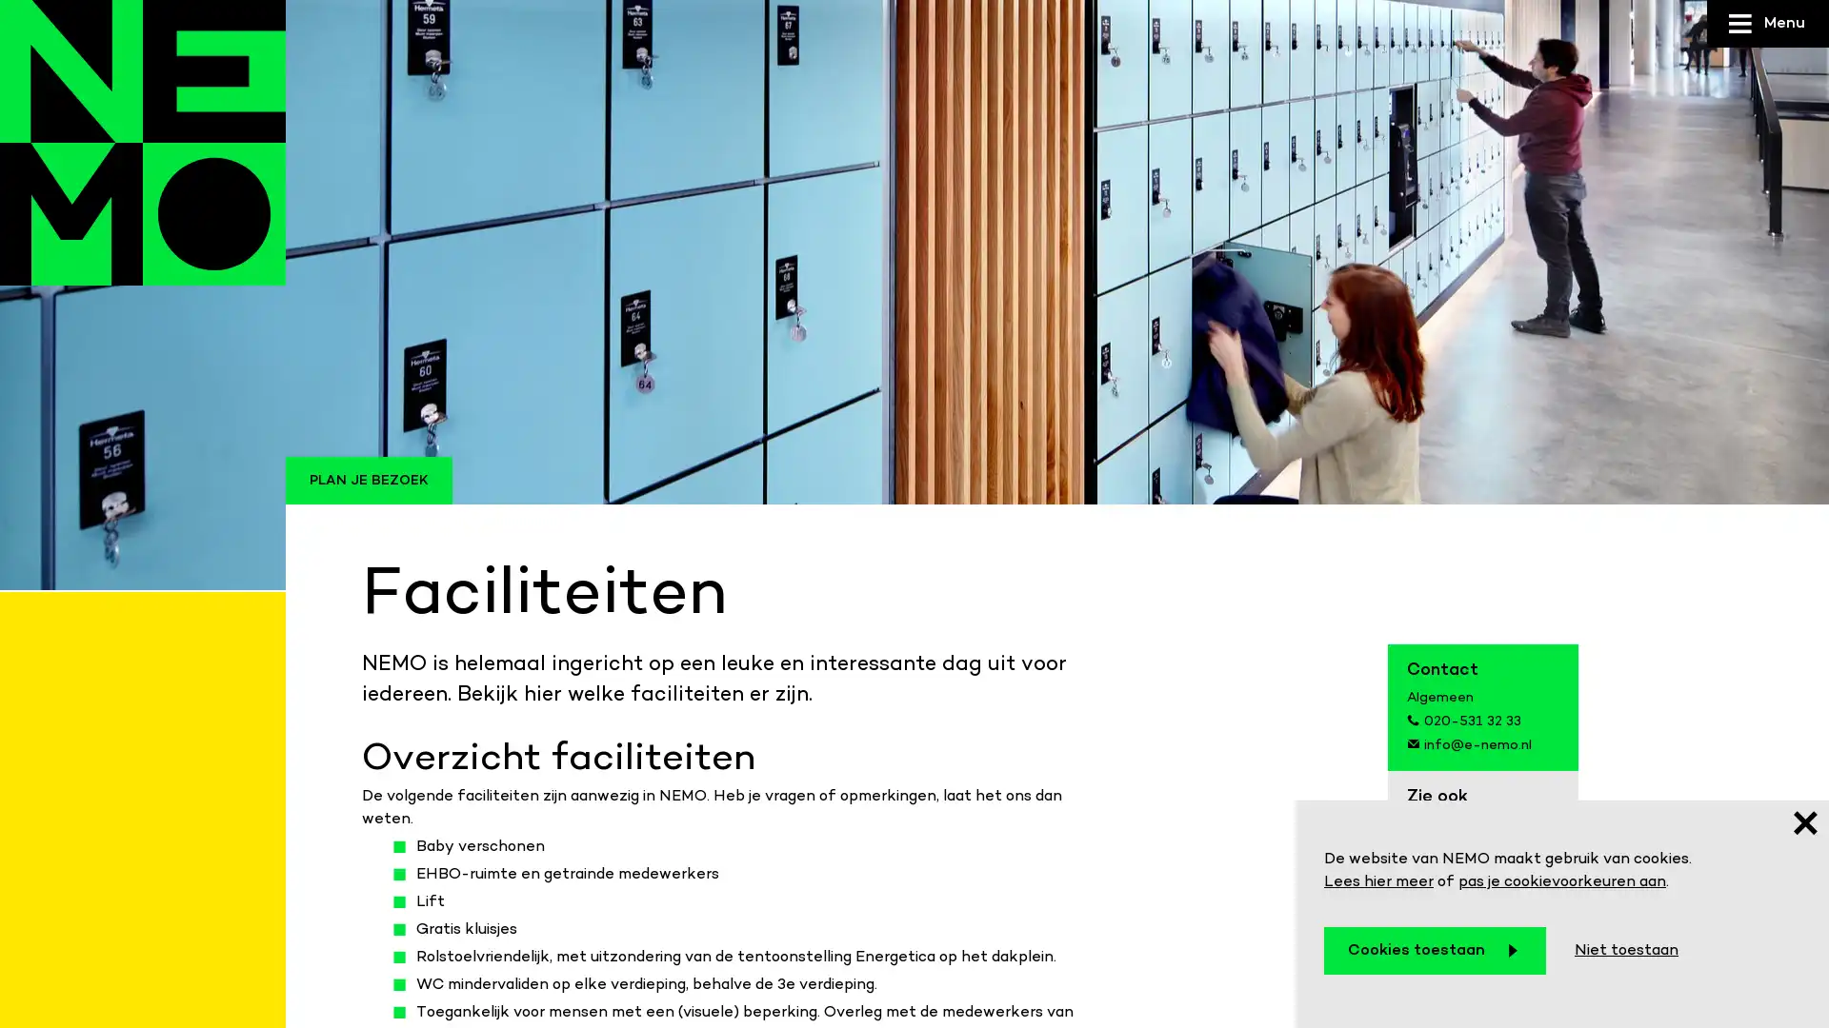  I want to click on Cookies toestaan, so click(1435, 951).